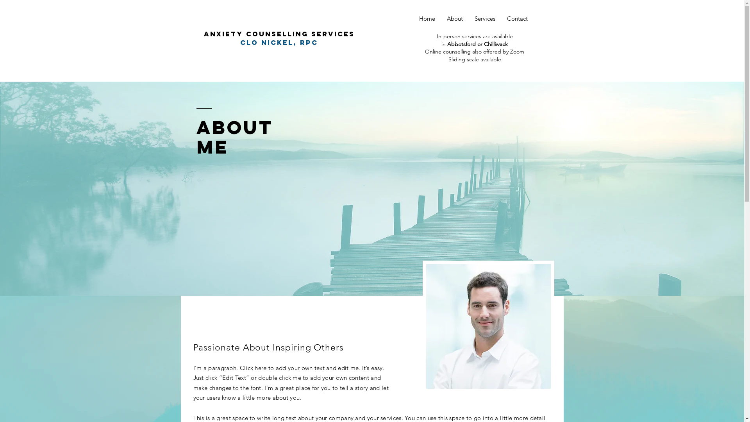 Image resolution: width=750 pixels, height=422 pixels. What do you see at coordinates (454, 18) in the screenshot?
I see `'About'` at bounding box center [454, 18].